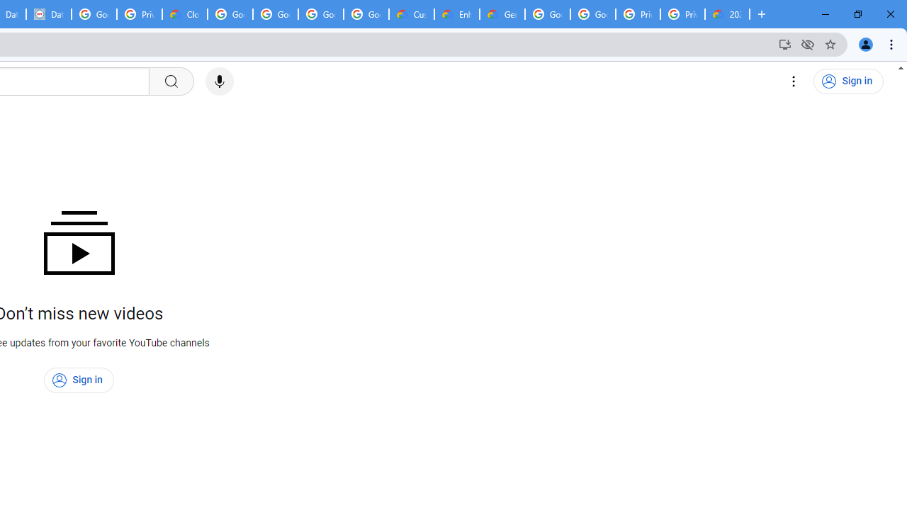  I want to click on 'Enhanced Support | Google Cloud', so click(457, 14).